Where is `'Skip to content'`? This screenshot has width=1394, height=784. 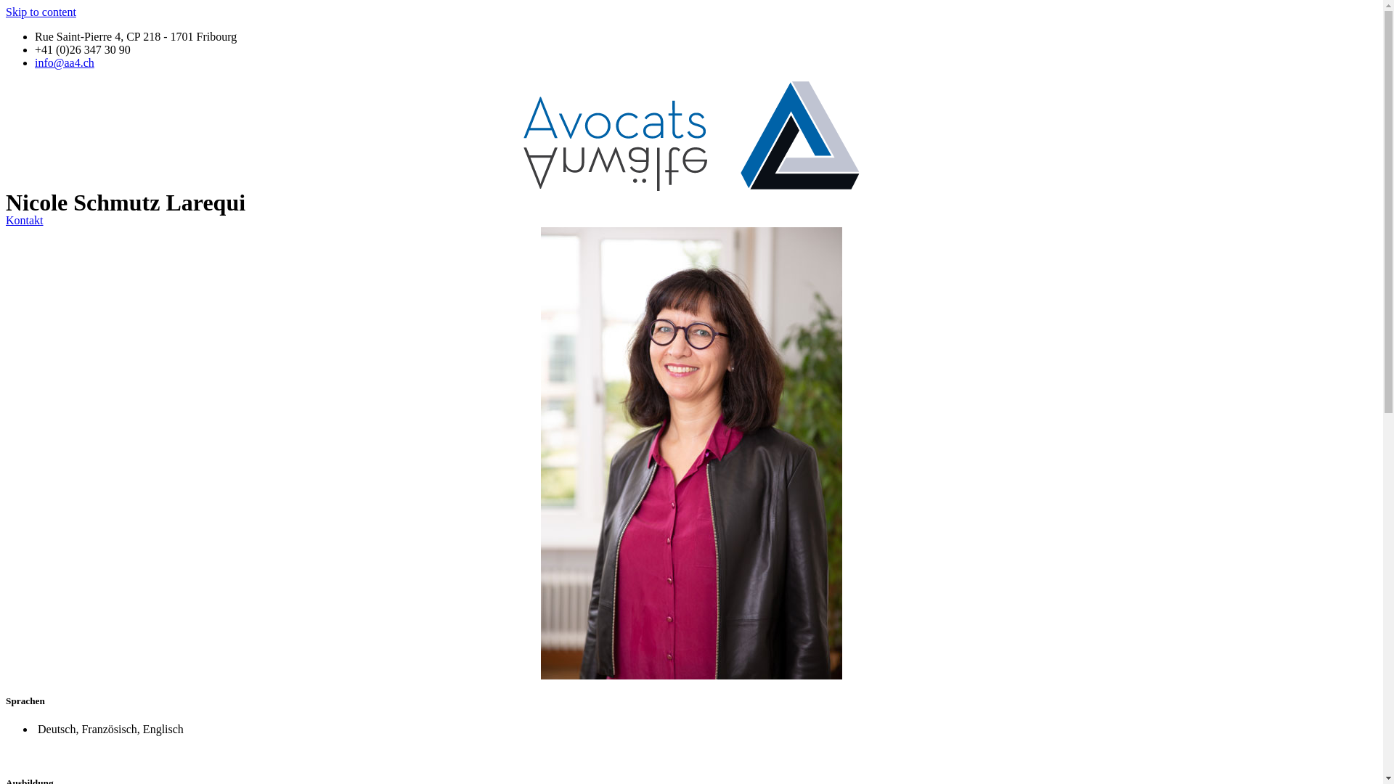 'Skip to content' is located at coordinates (41, 12).